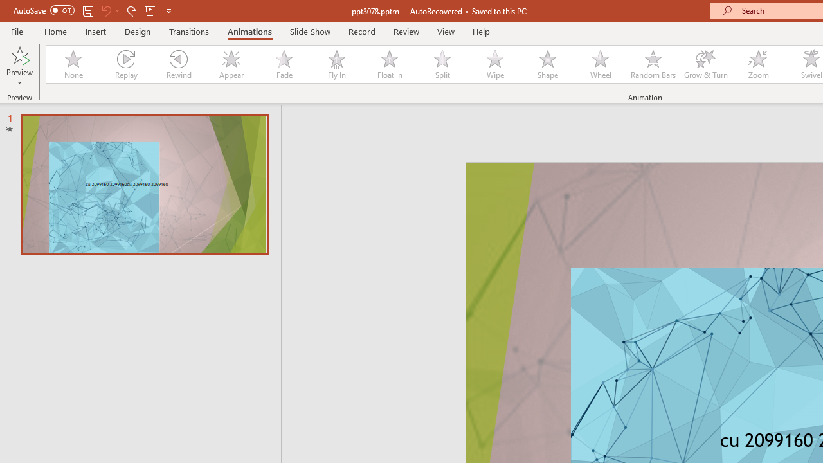 The image size is (823, 463). What do you see at coordinates (19, 54) in the screenshot?
I see `'Preview'` at bounding box center [19, 54].